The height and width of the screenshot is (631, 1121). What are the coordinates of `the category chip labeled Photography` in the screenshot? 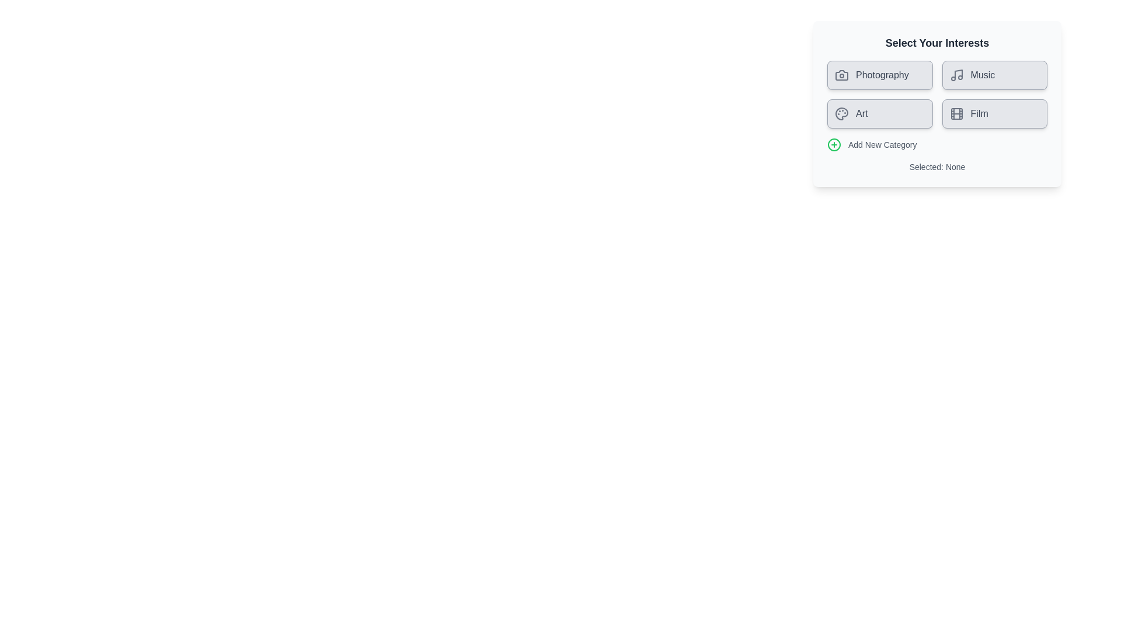 It's located at (880, 75).